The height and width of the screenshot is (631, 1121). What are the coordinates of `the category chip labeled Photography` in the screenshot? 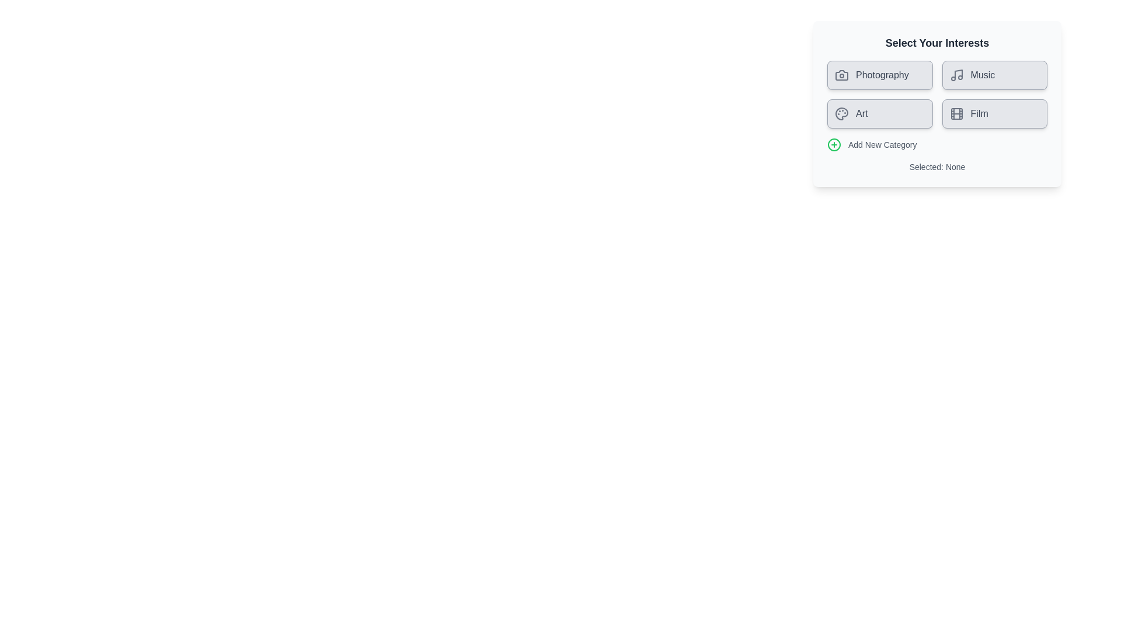 It's located at (880, 75).